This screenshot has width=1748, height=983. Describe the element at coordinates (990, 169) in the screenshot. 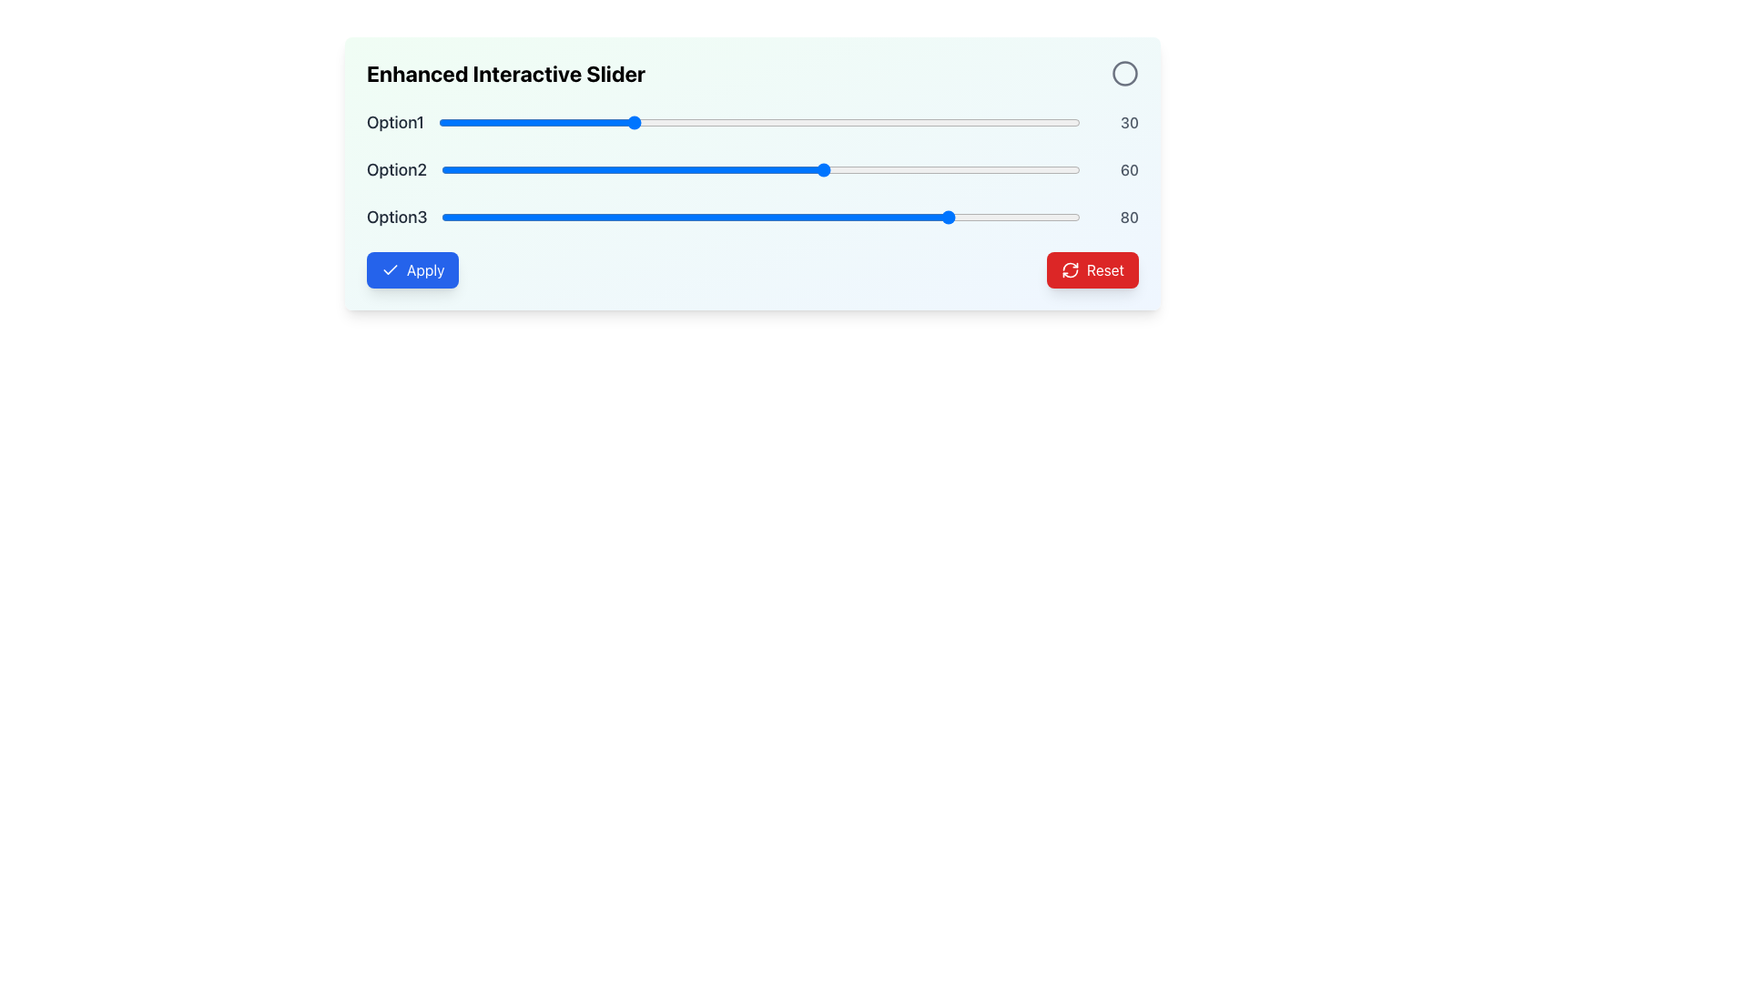

I see `slider` at that location.